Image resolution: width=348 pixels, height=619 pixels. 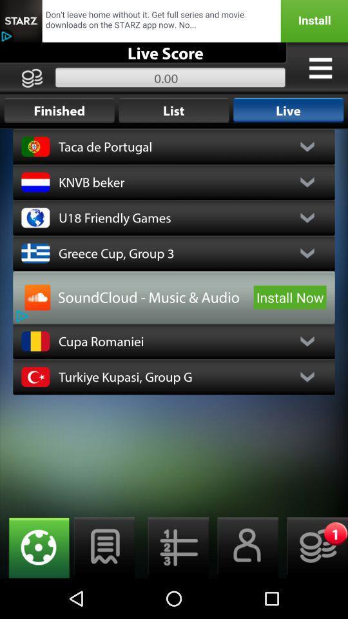 What do you see at coordinates (35, 547) in the screenshot?
I see `setting` at bounding box center [35, 547].